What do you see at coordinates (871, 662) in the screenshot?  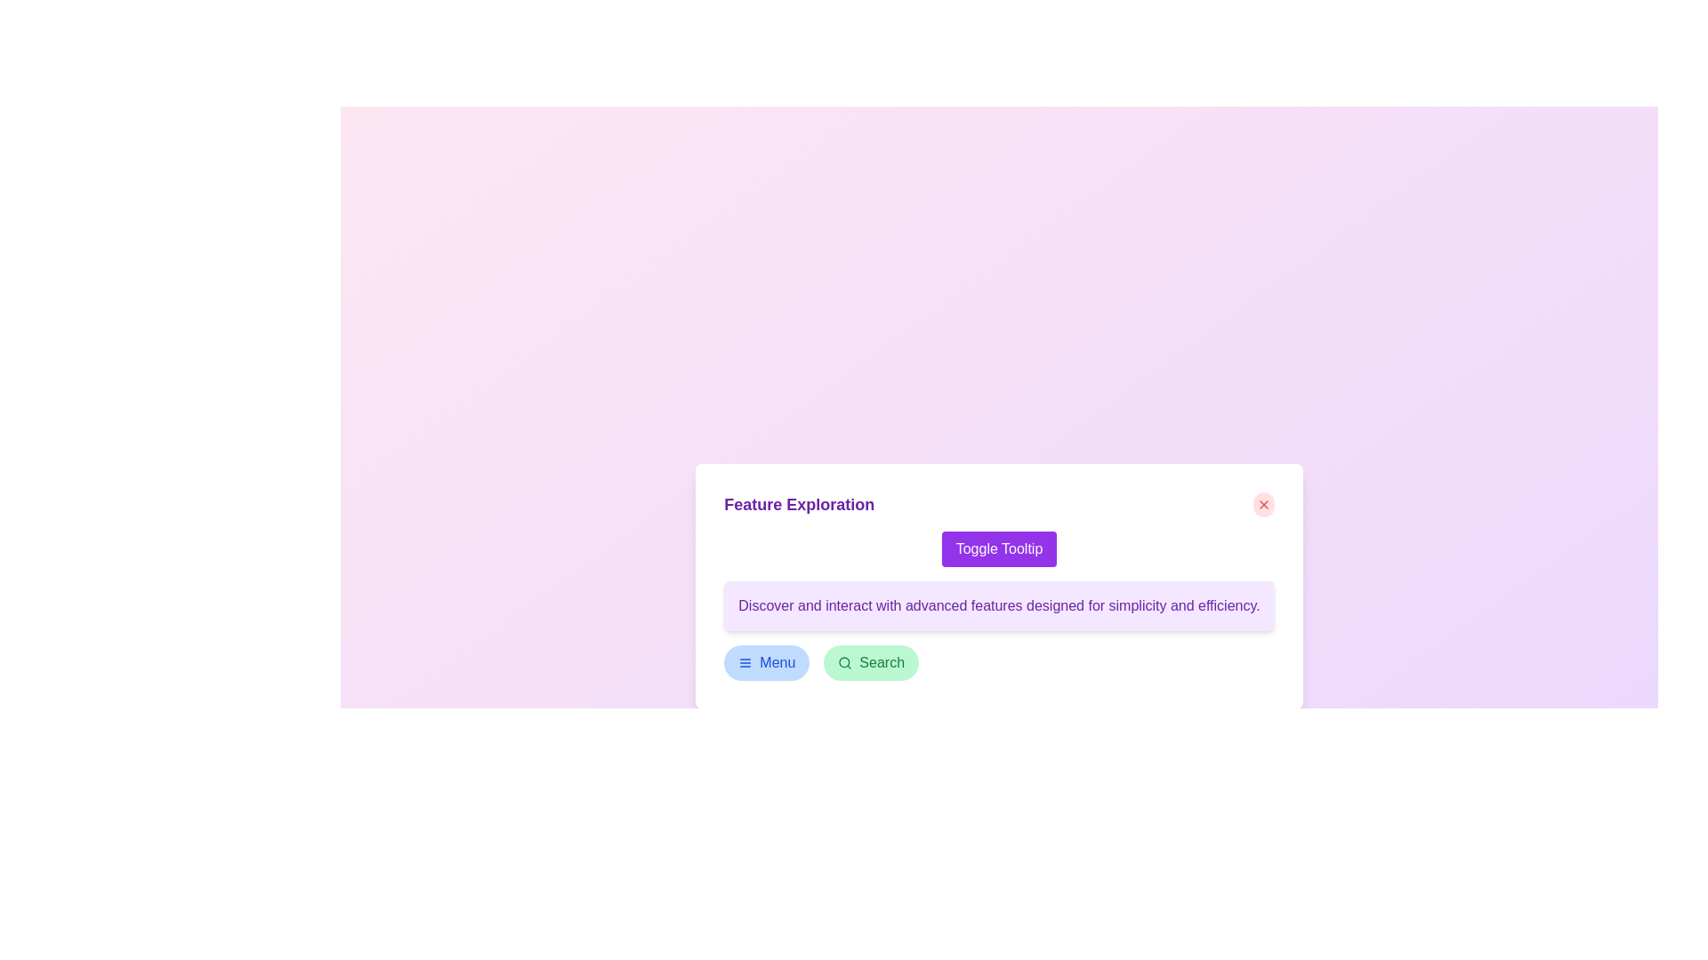 I see `the green rounded rectangle button labeled 'Search' with a magnifying glass icon` at bounding box center [871, 662].